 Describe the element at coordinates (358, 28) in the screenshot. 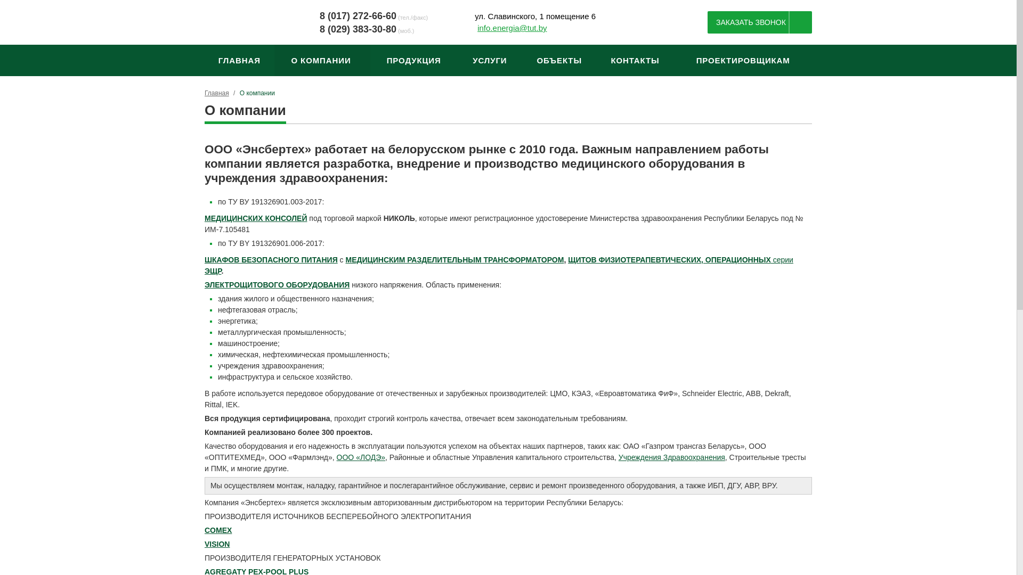

I see `'8 (029) 383-30-80'` at that location.